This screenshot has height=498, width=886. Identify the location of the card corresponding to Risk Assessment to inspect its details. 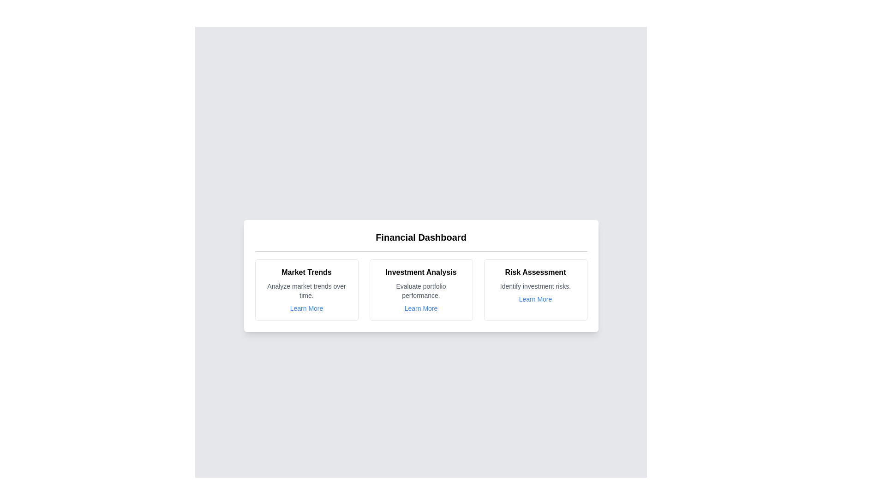
(535, 289).